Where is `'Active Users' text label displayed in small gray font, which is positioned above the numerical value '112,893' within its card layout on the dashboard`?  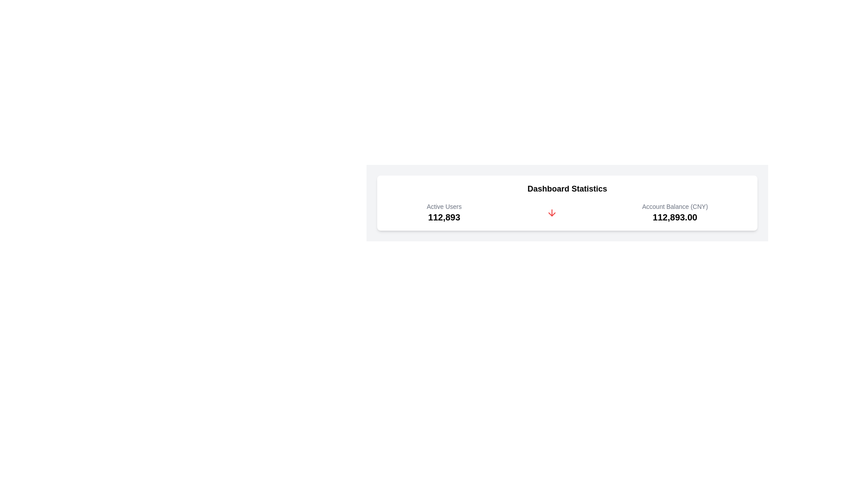
'Active Users' text label displayed in small gray font, which is positioned above the numerical value '112,893' within its card layout on the dashboard is located at coordinates (444, 207).